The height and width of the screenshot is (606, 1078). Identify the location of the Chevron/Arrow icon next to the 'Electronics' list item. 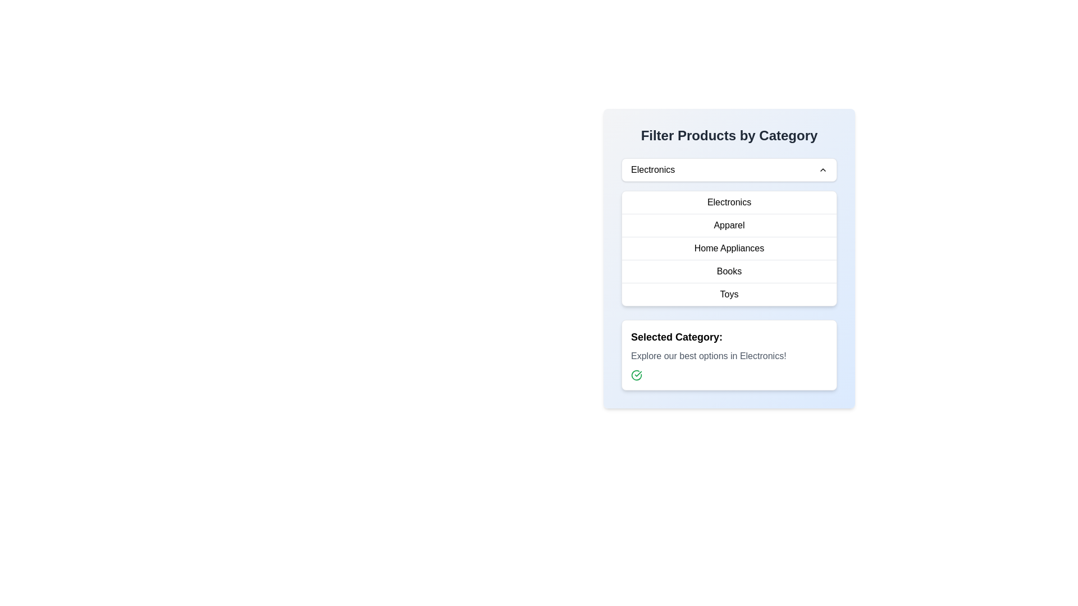
(823, 170).